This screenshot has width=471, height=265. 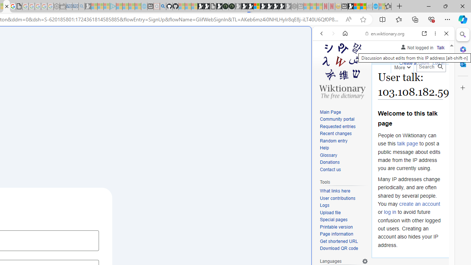 I want to click on 'Random entry', so click(x=333, y=141).